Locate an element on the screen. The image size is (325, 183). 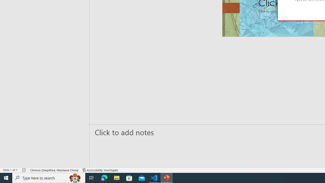
'Visual Studio Code - 1 running window' is located at coordinates (154, 177).